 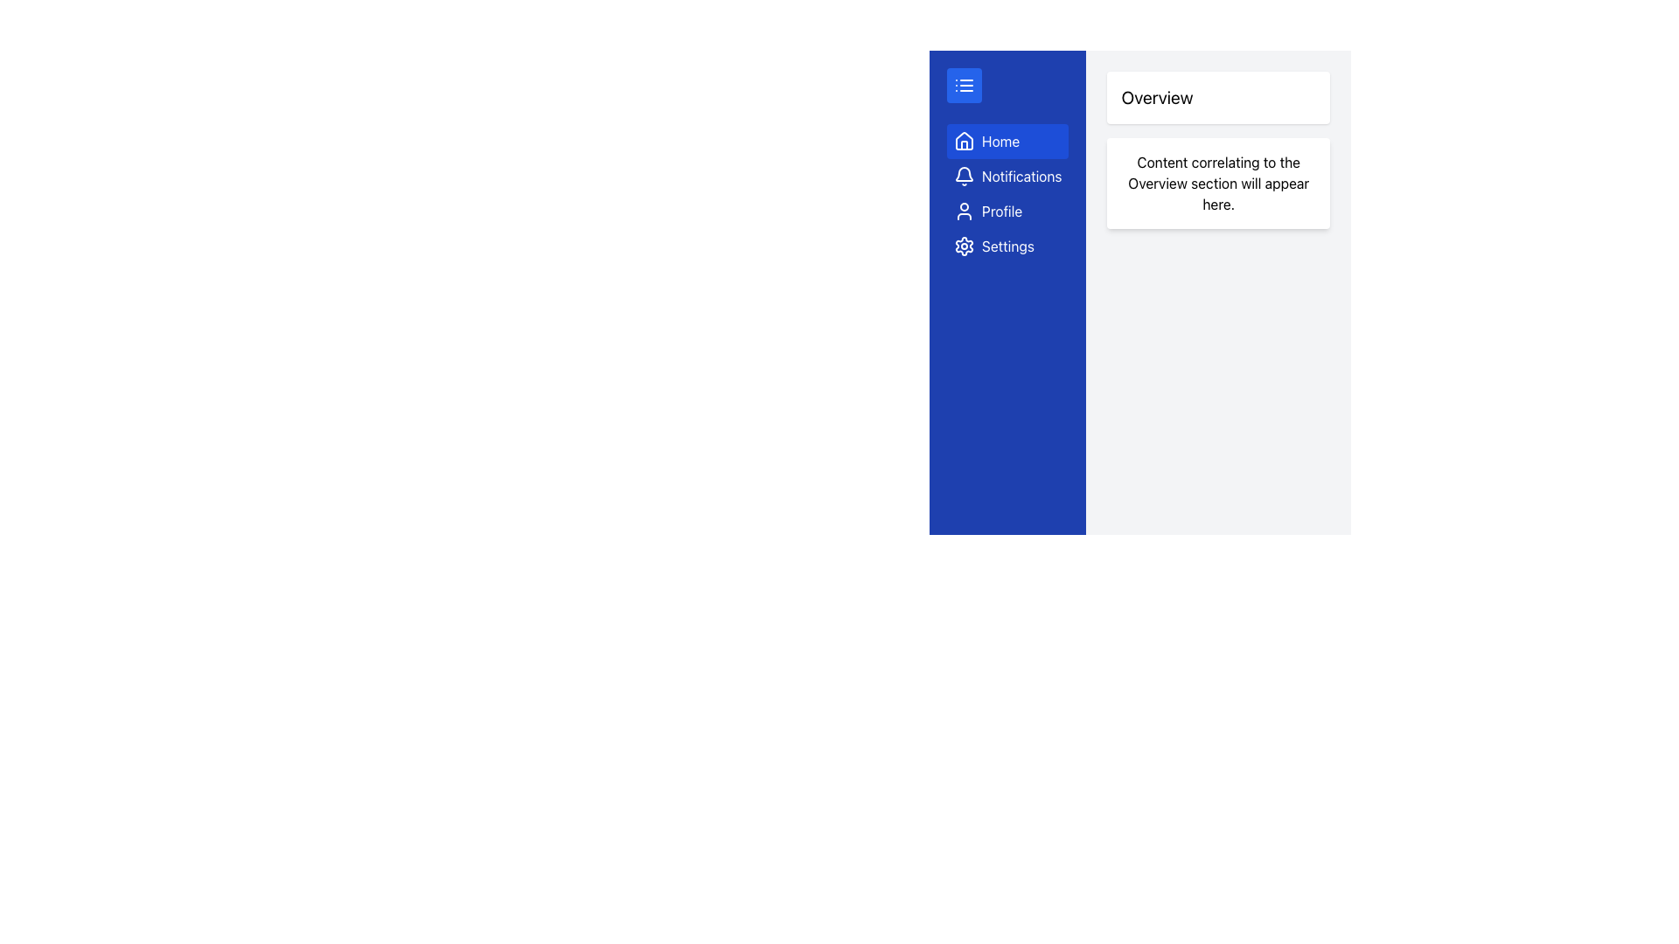 I want to click on the 'Notifications' label in the vertical navigation menu, so click(x=1021, y=176).